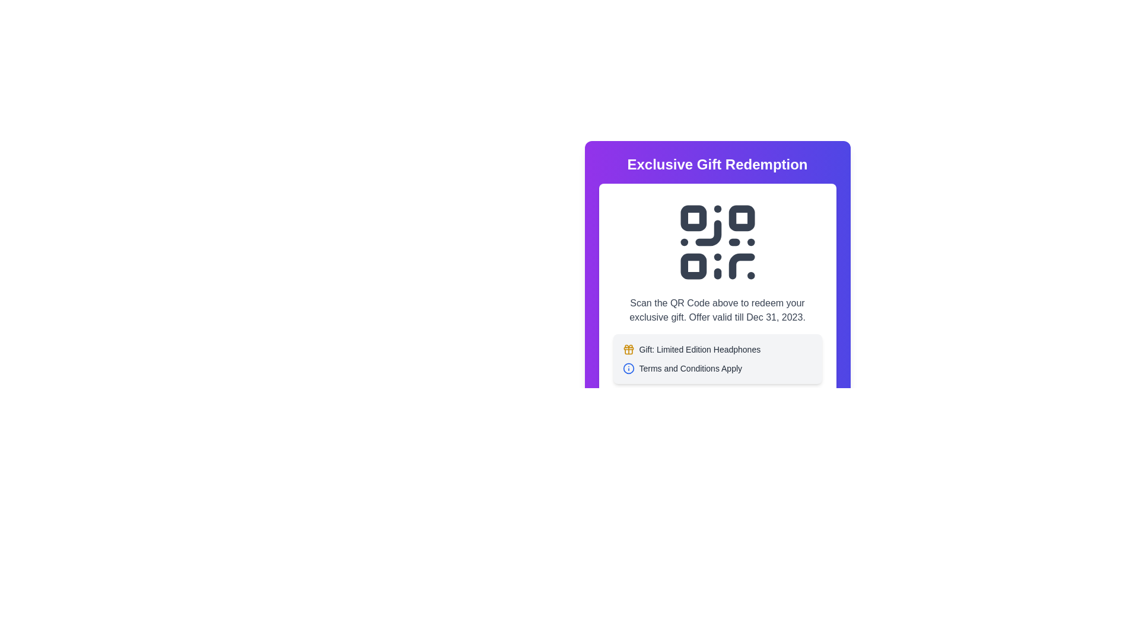 The width and height of the screenshot is (1139, 640). I want to click on the yellow gift icon with a ribbon and bow design located next to the text 'Gift: Limited Edition Headphones', so click(628, 349).